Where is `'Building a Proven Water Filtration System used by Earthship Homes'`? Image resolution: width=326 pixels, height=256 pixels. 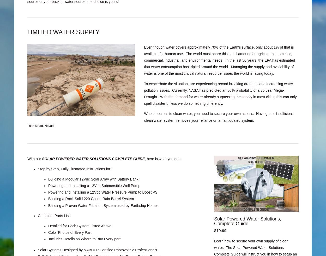
'Building a Proven Water Filtration System used by Earthship Homes' is located at coordinates (103, 205).